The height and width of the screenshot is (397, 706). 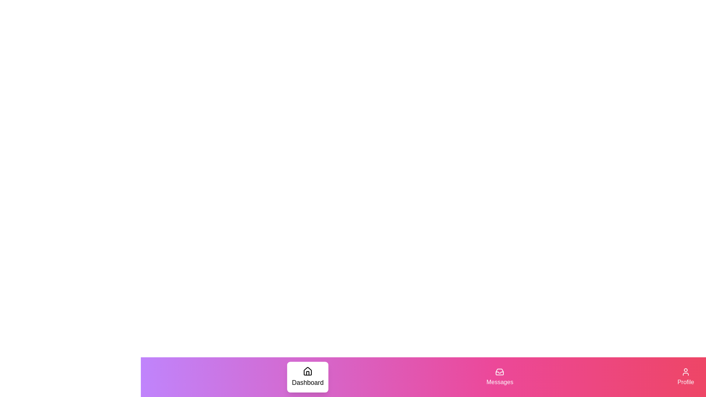 I want to click on the tab labeled Messages in the bottom navigation bar, so click(x=500, y=377).